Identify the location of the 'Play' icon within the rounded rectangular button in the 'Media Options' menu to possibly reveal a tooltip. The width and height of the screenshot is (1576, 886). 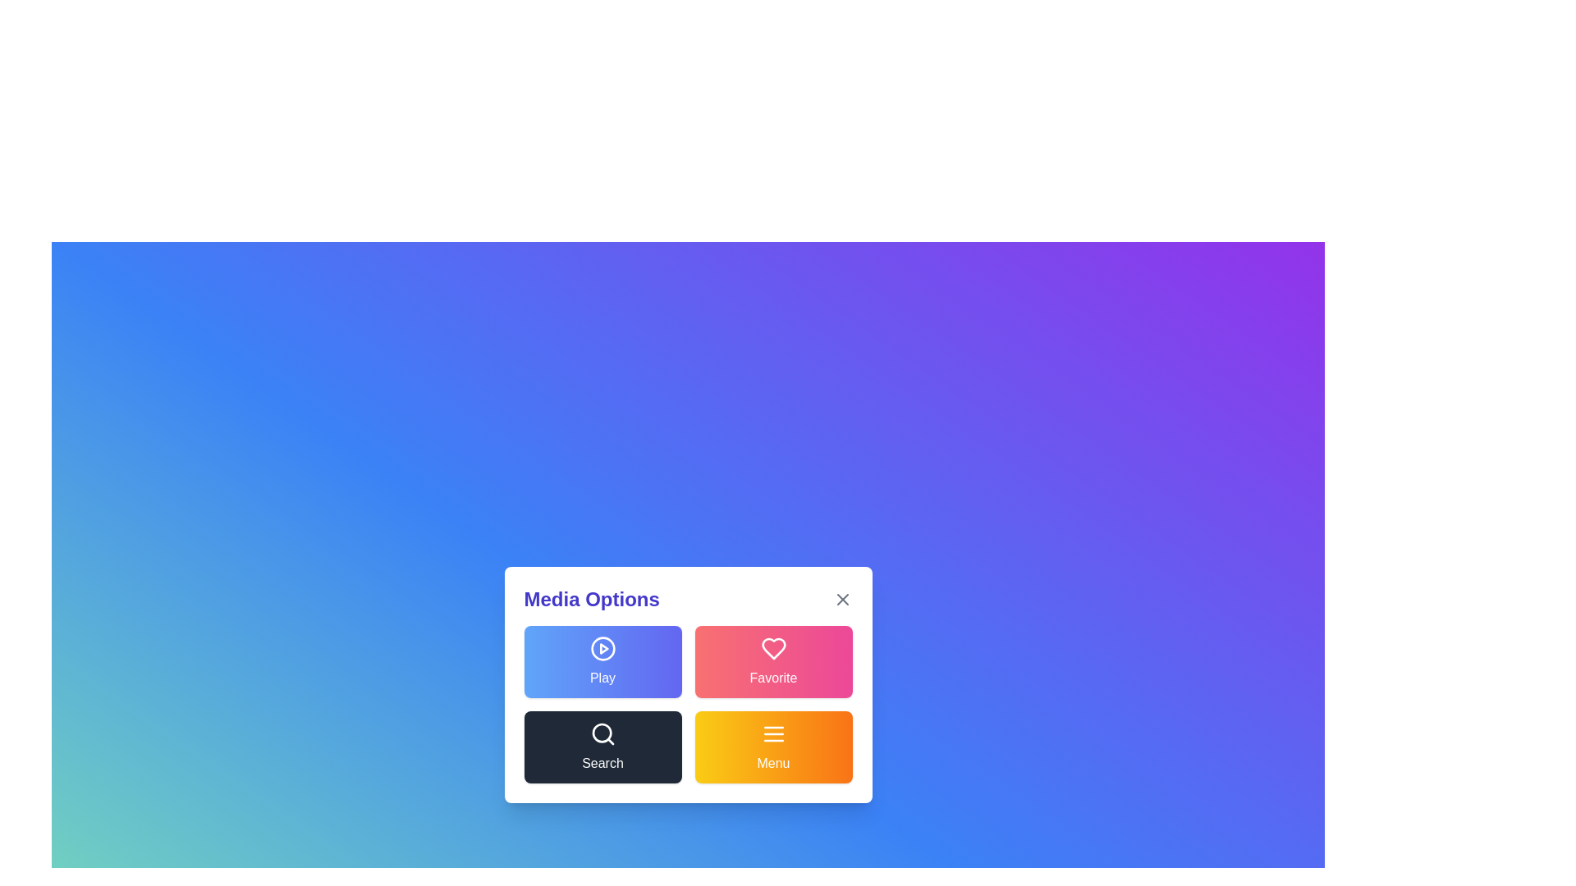
(602, 647).